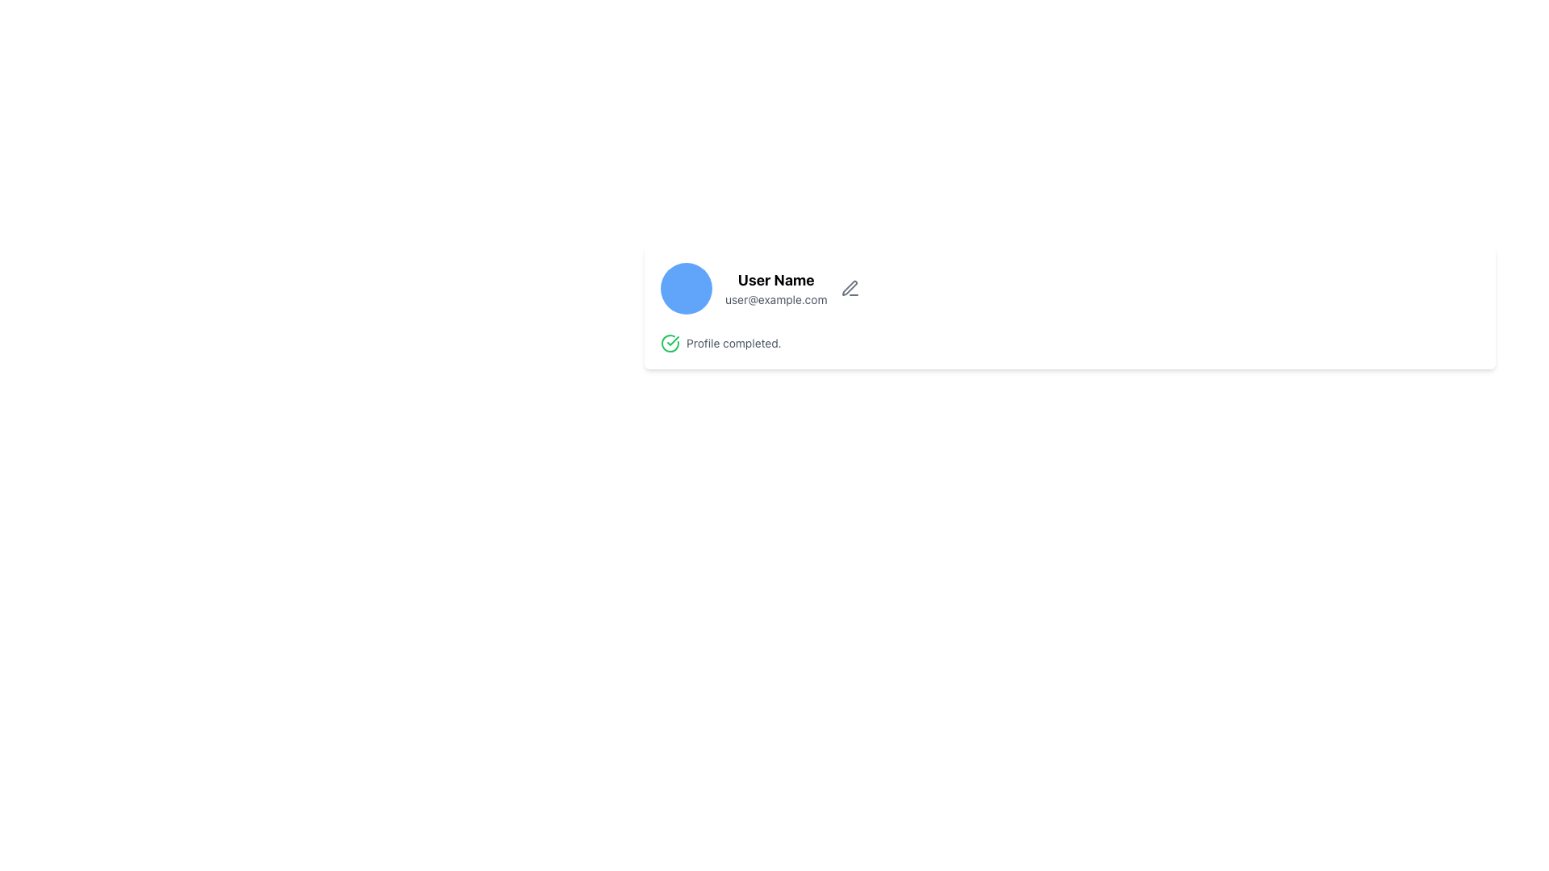  Describe the element at coordinates (733, 342) in the screenshot. I see `the text label indicating the completed status of the user's profile, located to the right of a green checkmark icon in the lower-left area of the user profile information card` at that location.